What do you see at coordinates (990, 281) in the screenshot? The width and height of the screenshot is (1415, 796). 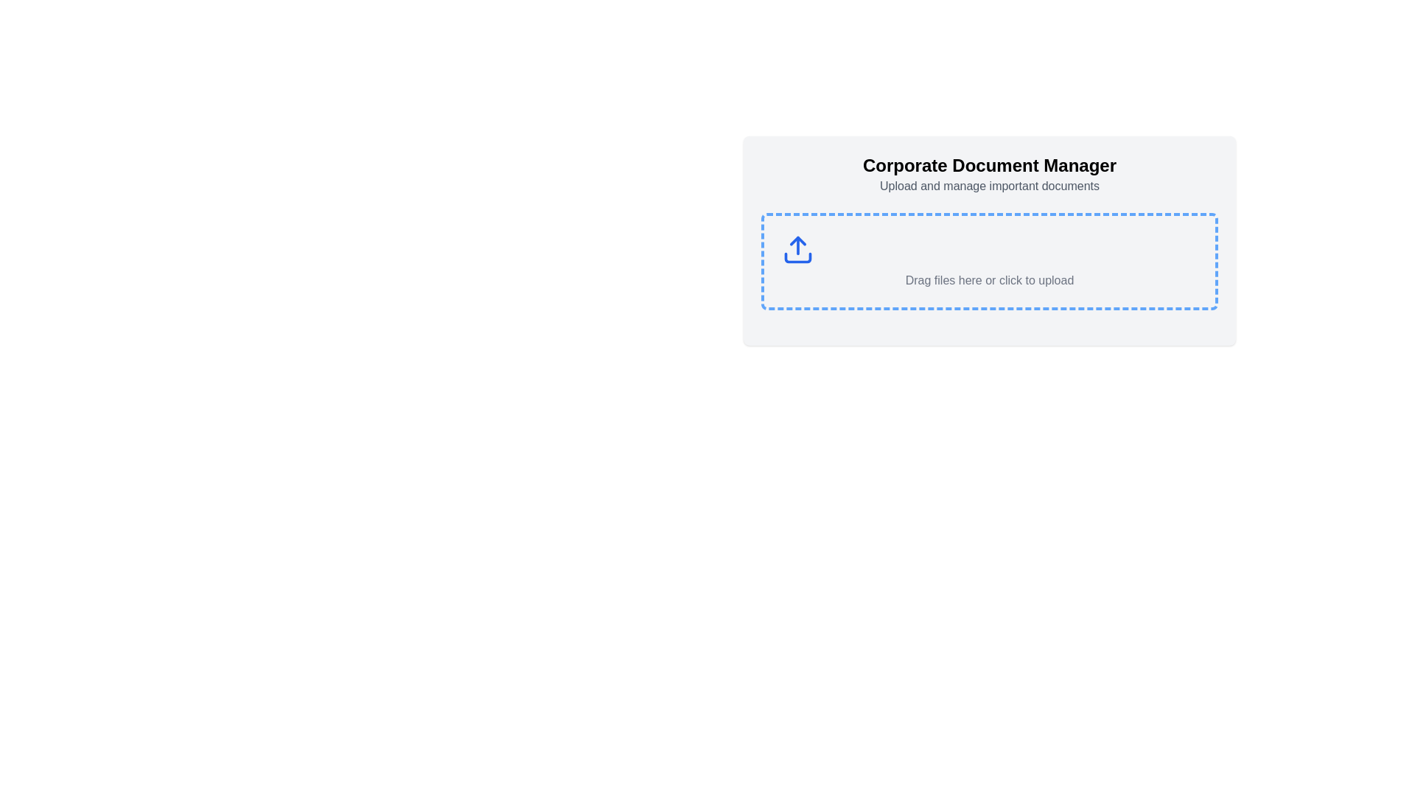 I see `the Text label that provides instructions for the user to drag and drop files or click the area to upload files, which is located in the central part of the interface below an upload icon` at bounding box center [990, 281].